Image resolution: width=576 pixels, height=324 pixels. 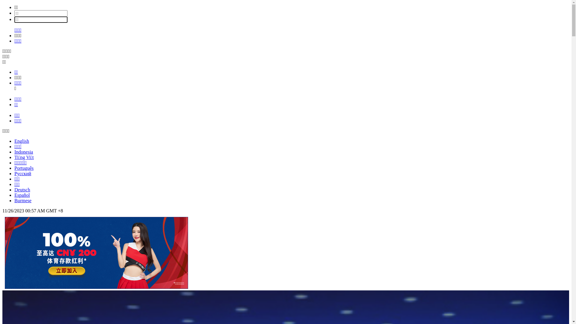 I want to click on 'Burmese', so click(x=23, y=200).